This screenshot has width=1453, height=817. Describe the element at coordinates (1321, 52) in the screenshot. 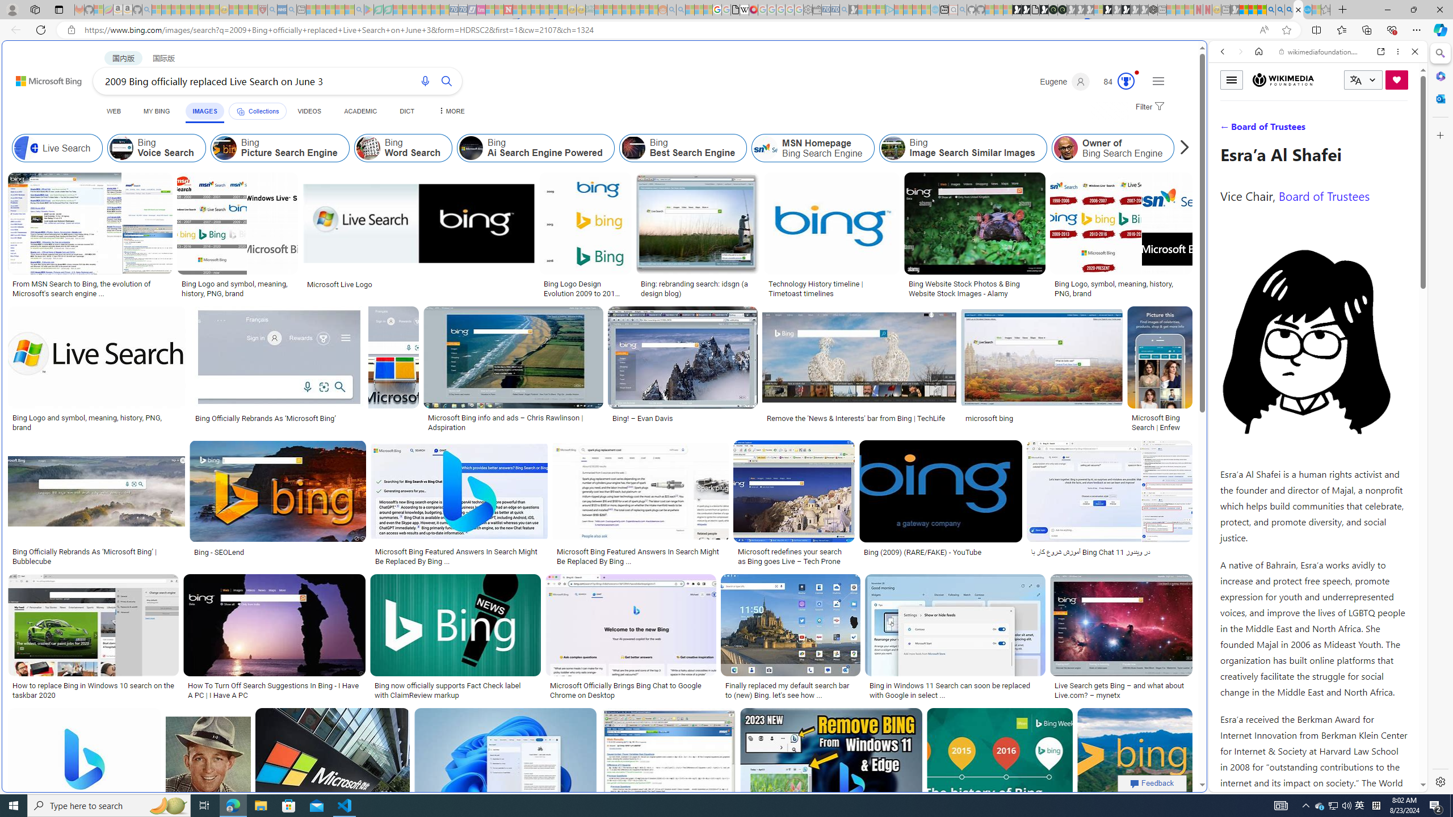

I see `'wikimediafoundation.org'` at that location.